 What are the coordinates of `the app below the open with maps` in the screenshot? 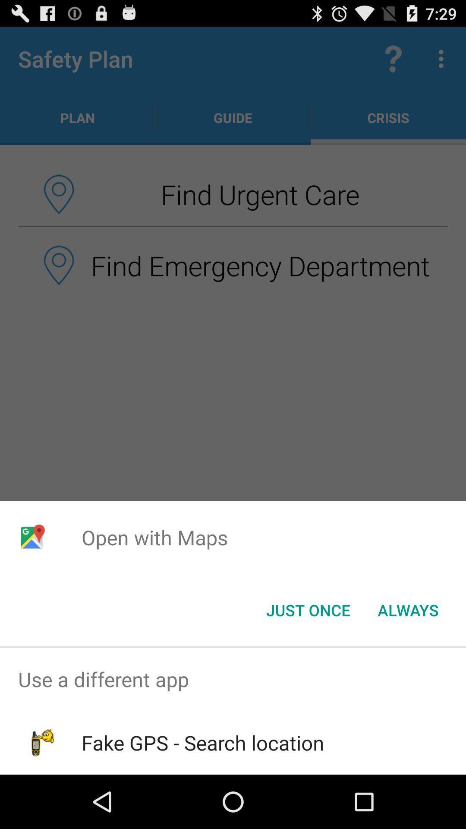 It's located at (408, 609).